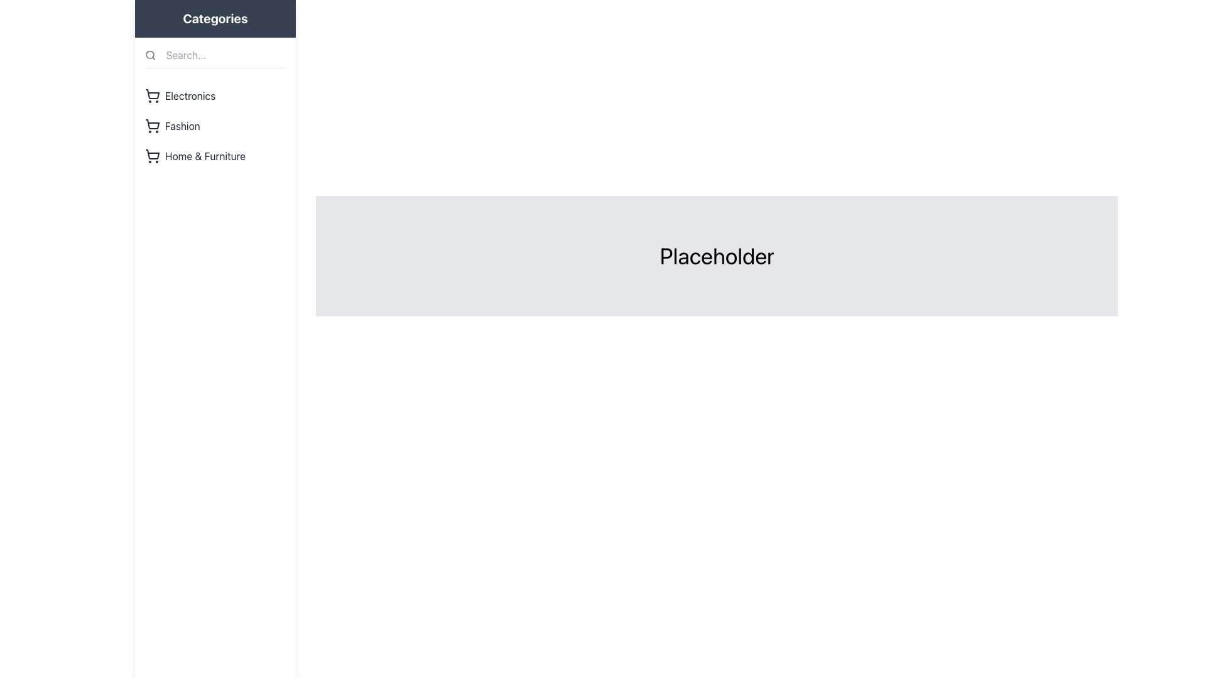 This screenshot has width=1206, height=678. Describe the element at coordinates (189, 95) in the screenshot. I see `the 'Electronics' text label located to the right of the shopping cart icon in the sidebar category list` at that location.